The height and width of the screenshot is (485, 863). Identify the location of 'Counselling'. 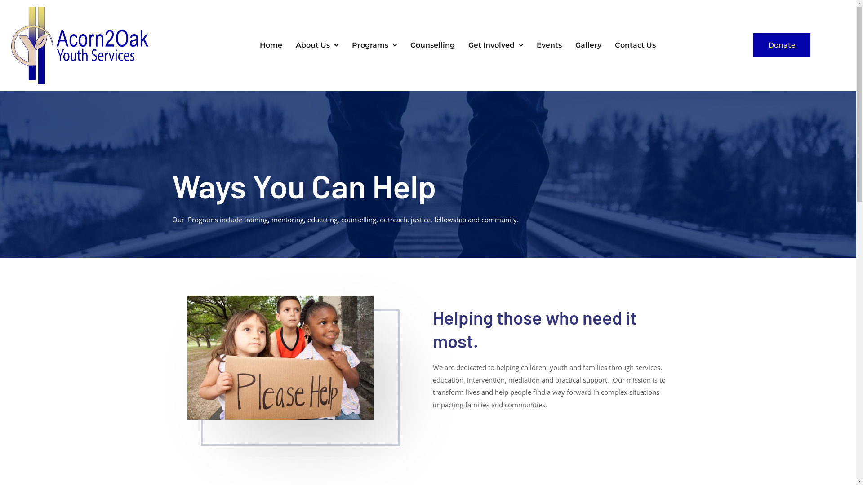
(432, 45).